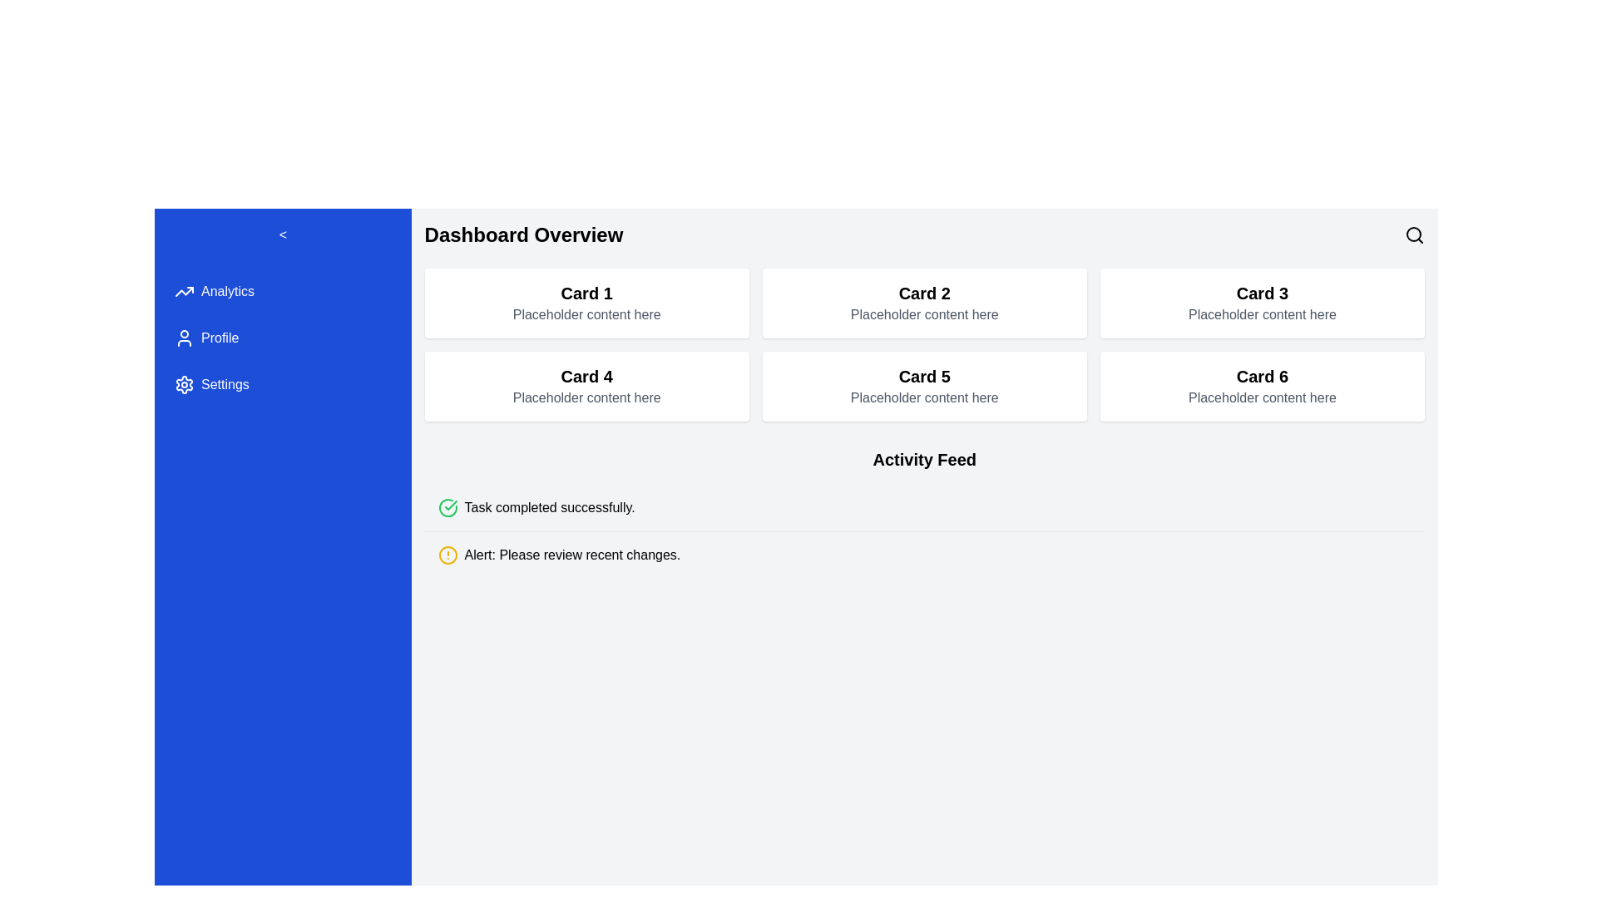 This screenshot has height=898, width=1597. I want to click on the 'Analytics' text label in the vertical navigation menu, which is located beneath a trending line icon and above the 'Profile' and 'Settings' sections, so click(226, 291).